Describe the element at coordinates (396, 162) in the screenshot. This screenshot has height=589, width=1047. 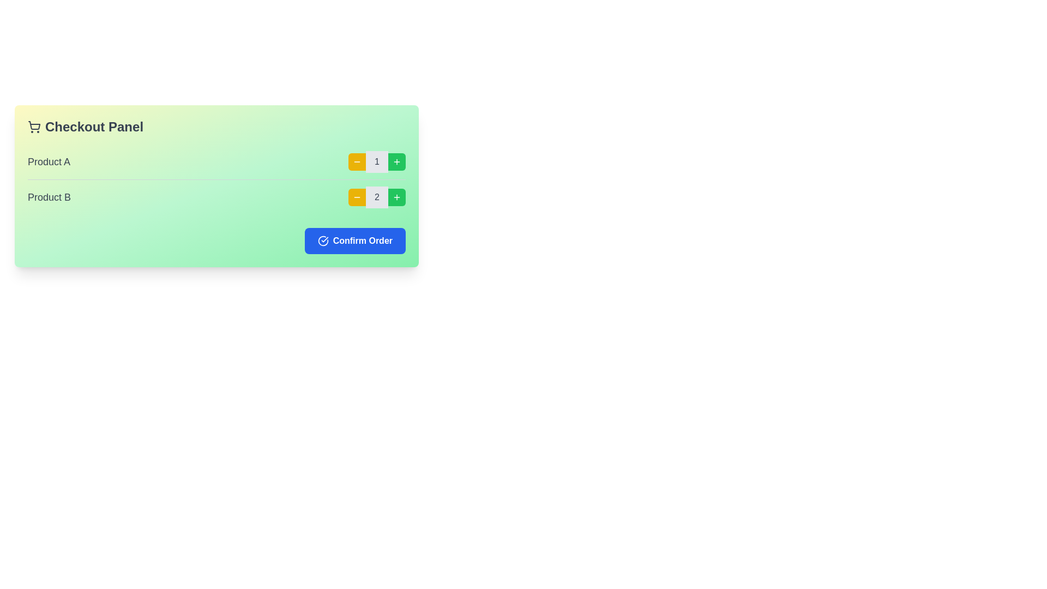
I see `the green square button with a plus icon, located in the second row of the quantity adjustment controls in the 'Checkout Panel', adjacent to the quantity input box for 'Product A'` at that location.